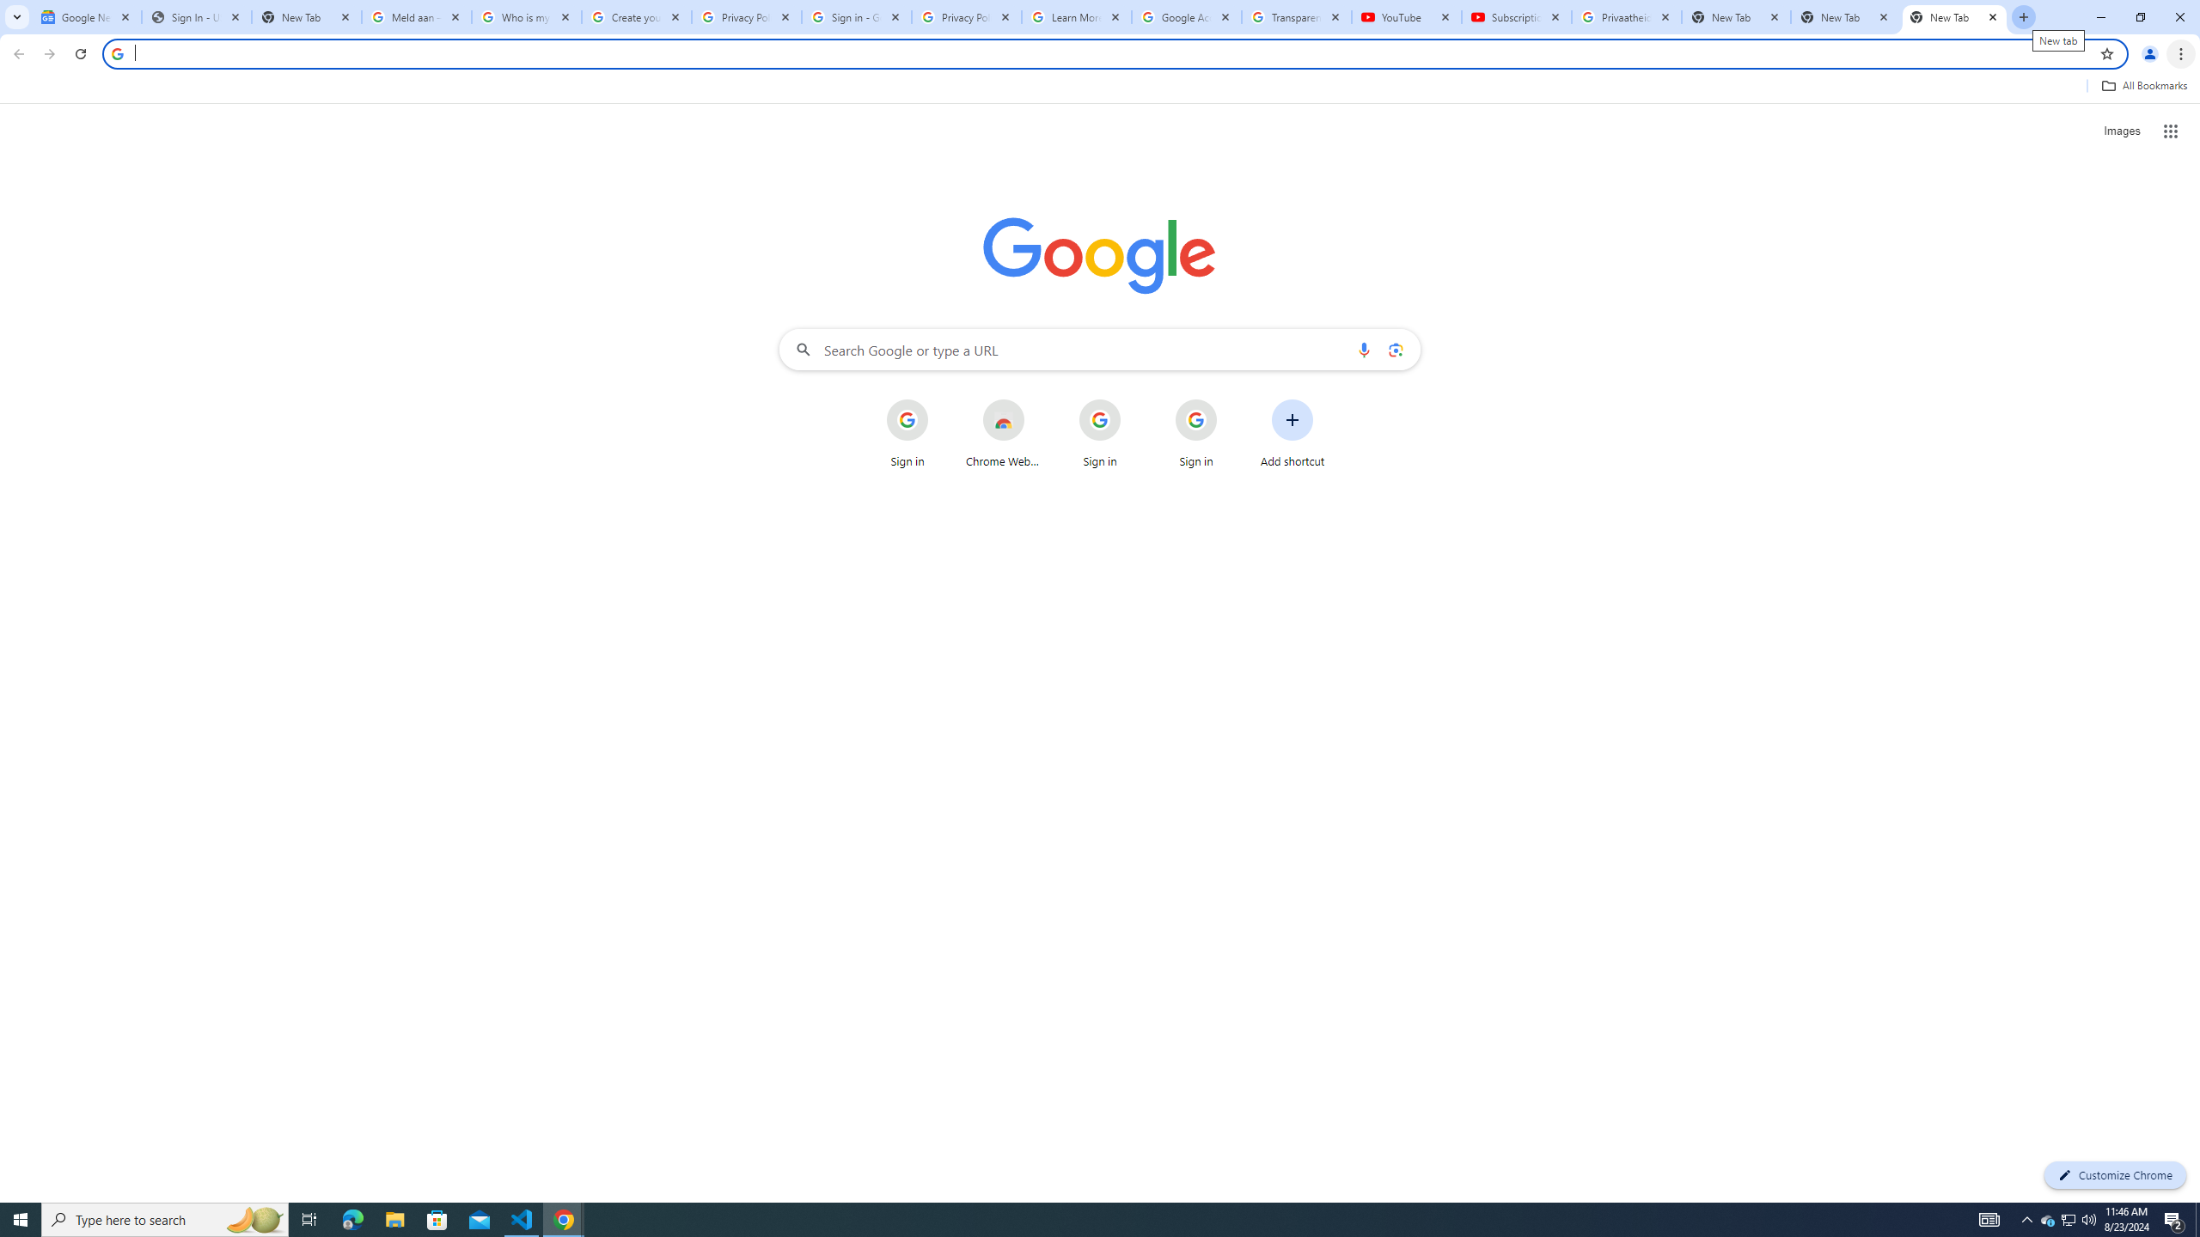 The height and width of the screenshot is (1237, 2200). I want to click on 'Create your Google Account', so click(637, 16).